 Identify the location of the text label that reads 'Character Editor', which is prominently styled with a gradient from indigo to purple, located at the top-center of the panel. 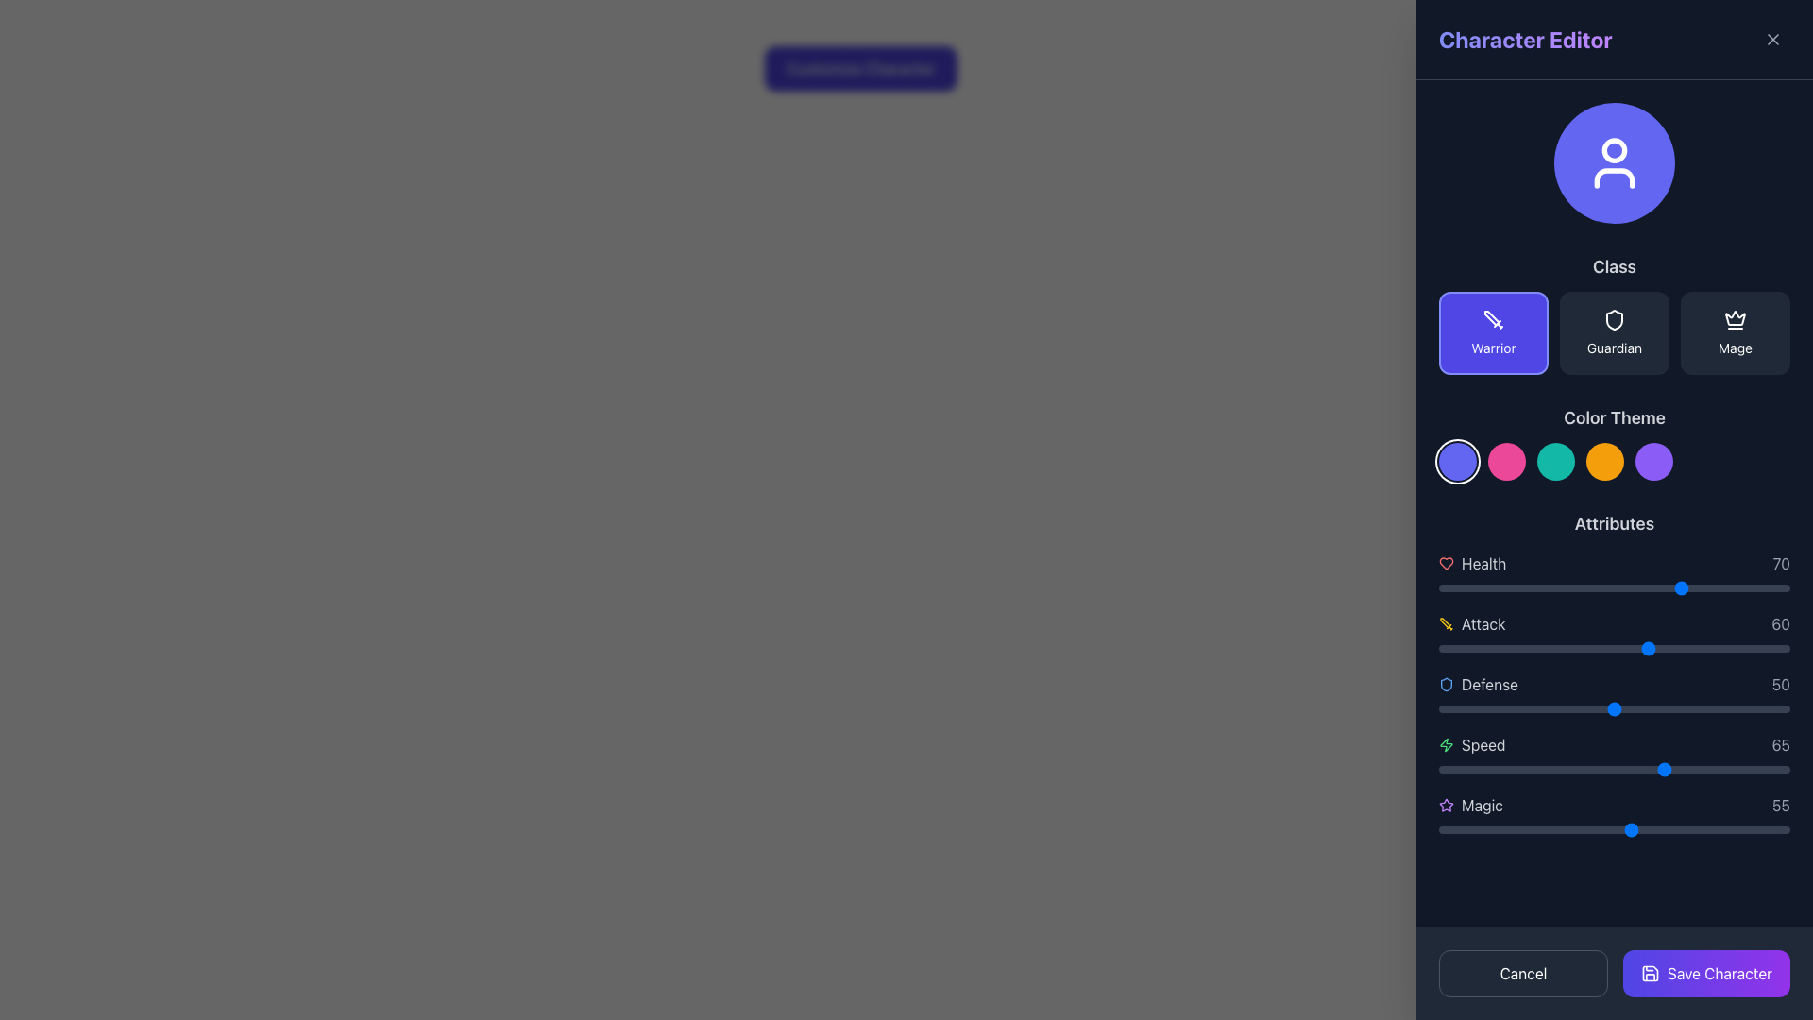
(1525, 40).